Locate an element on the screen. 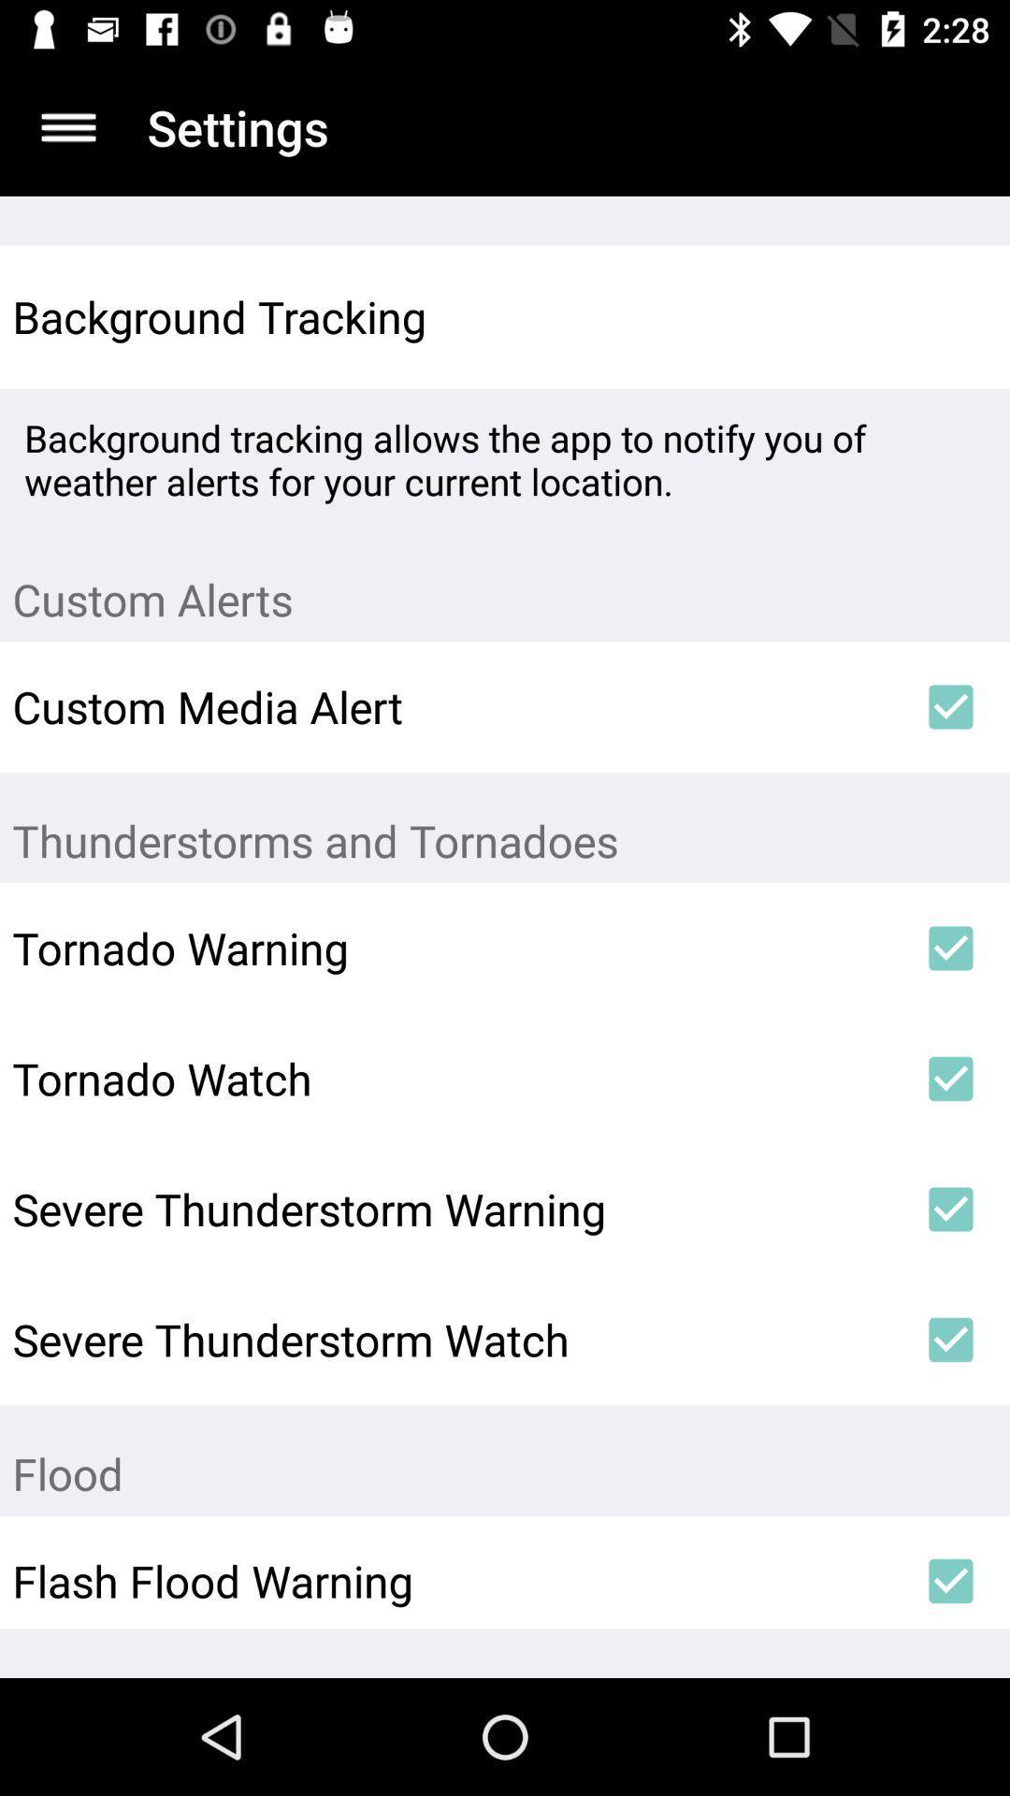  the icon next to the tornado warning is located at coordinates (951, 948).